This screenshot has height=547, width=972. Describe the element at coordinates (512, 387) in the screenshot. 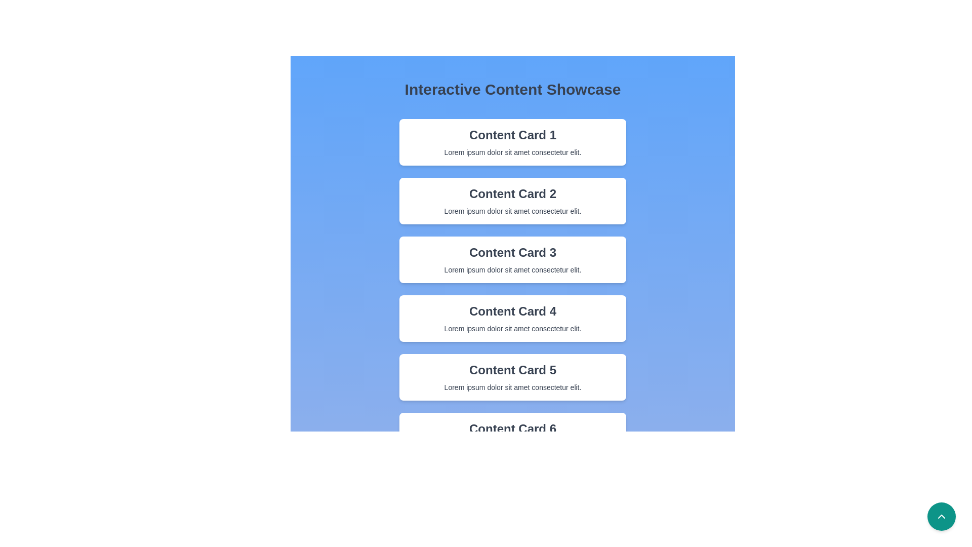

I see `the text label displaying descriptive information for 'Content Card 5', located at the bottom of the card, centered horizontally` at that location.